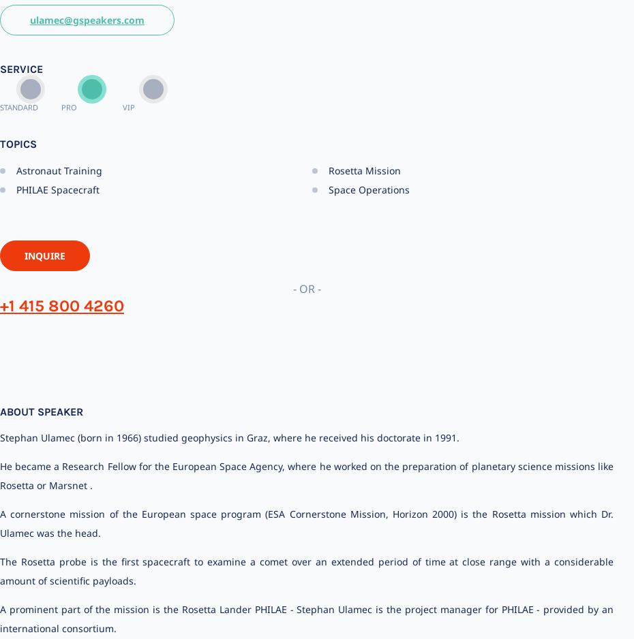 Image resolution: width=634 pixels, height=639 pixels. What do you see at coordinates (69, 106) in the screenshot?
I see `'PRO'` at bounding box center [69, 106].